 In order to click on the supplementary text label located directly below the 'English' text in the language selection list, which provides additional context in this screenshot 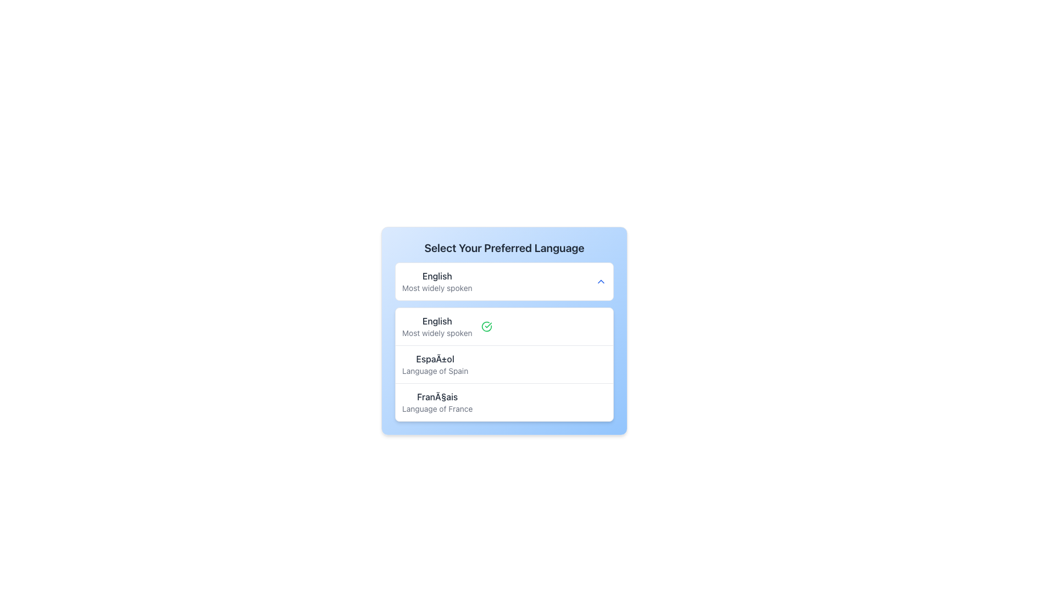, I will do `click(436, 332)`.